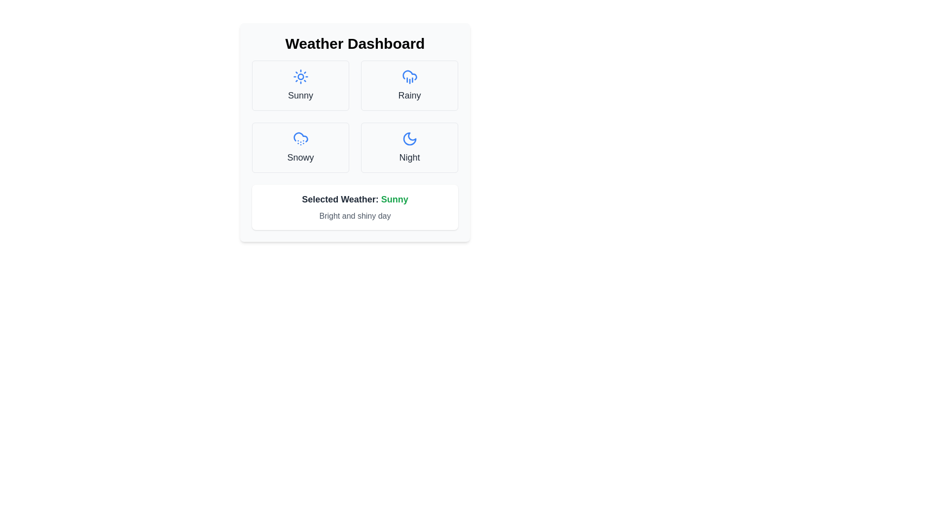 The image size is (947, 532). What do you see at coordinates (300, 138) in the screenshot?
I see `the 'Snowy' weather option icon located in the second row, first column of the weather selection dashboard` at bounding box center [300, 138].